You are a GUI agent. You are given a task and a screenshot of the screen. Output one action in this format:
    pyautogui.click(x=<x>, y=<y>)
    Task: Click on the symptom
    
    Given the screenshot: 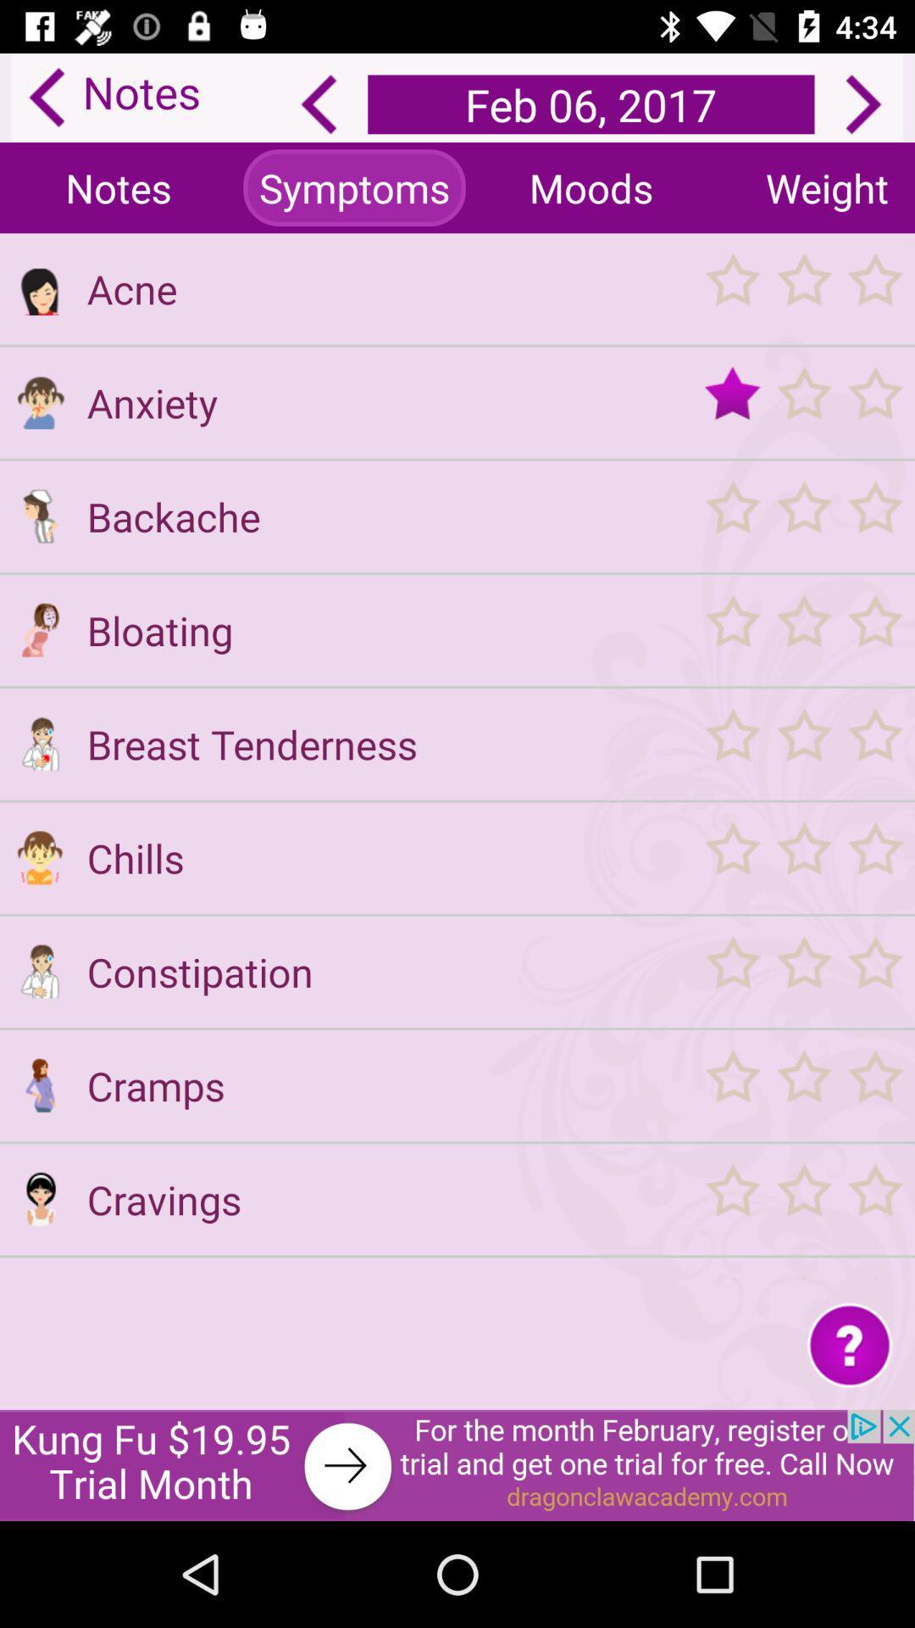 What is the action you would take?
    pyautogui.click(x=39, y=857)
    